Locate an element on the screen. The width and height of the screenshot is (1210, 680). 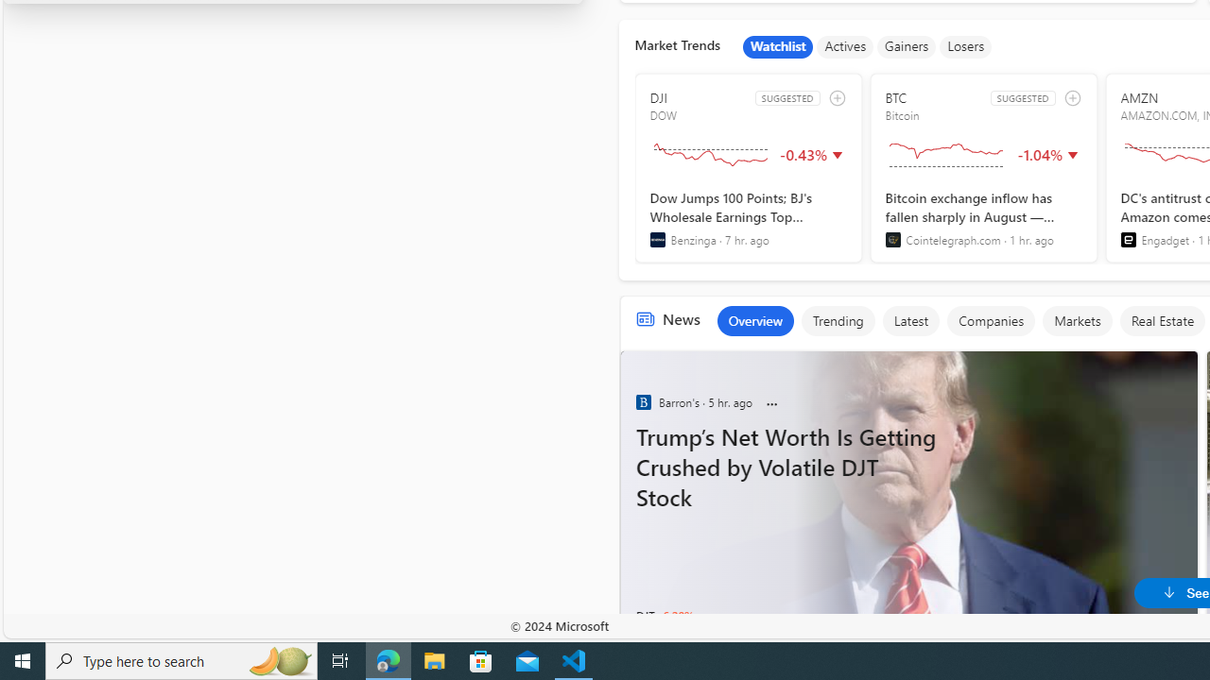
'Overview' is located at coordinates (753, 319).